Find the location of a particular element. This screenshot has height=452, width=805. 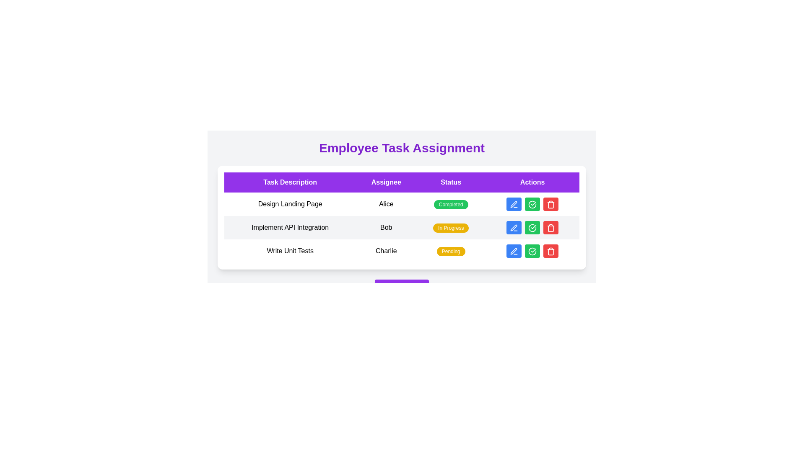

the delete icon button located in the 'Actions' column of the second row in the table is located at coordinates (551, 229).